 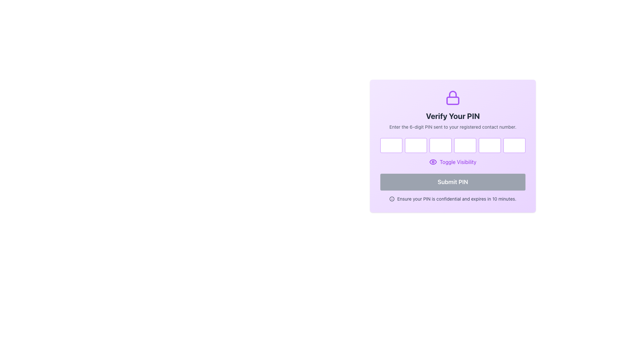 What do you see at coordinates (452, 145) in the screenshot?
I see `the individual box of the Pin Code Input Grid to focus on it` at bounding box center [452, 145].